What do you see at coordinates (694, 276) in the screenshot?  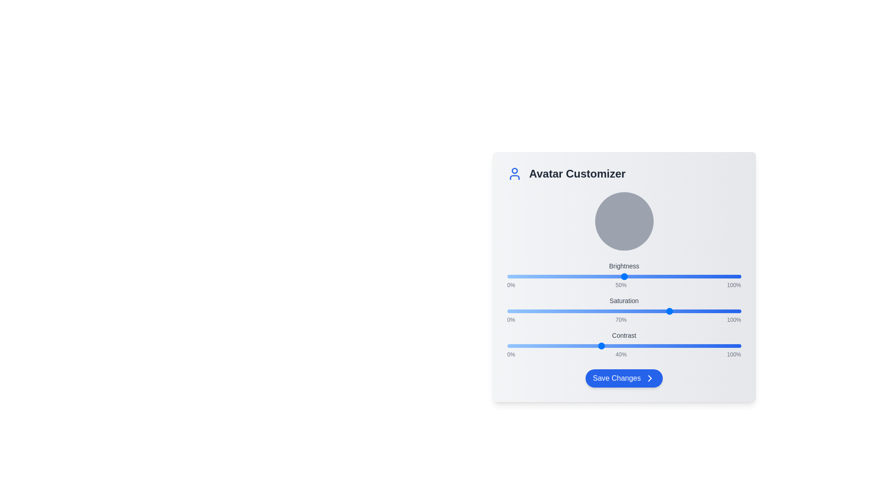 I see `the Brightness slider to 80%` at bounding box center [694, 276].